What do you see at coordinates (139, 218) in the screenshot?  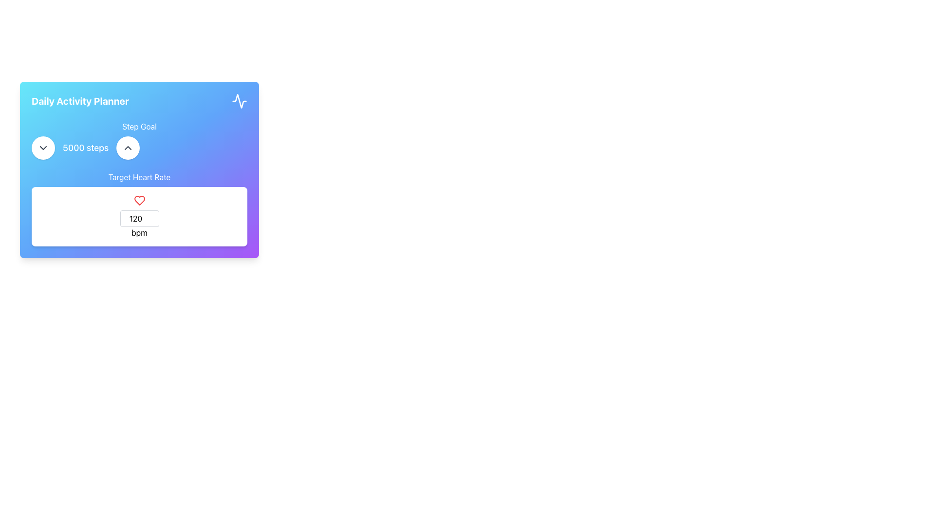 I see `the Number input field to focus, which is located beneath a red heart icon and above the text 'bpm' within a white card-like component` at bounding box center [139, 218].